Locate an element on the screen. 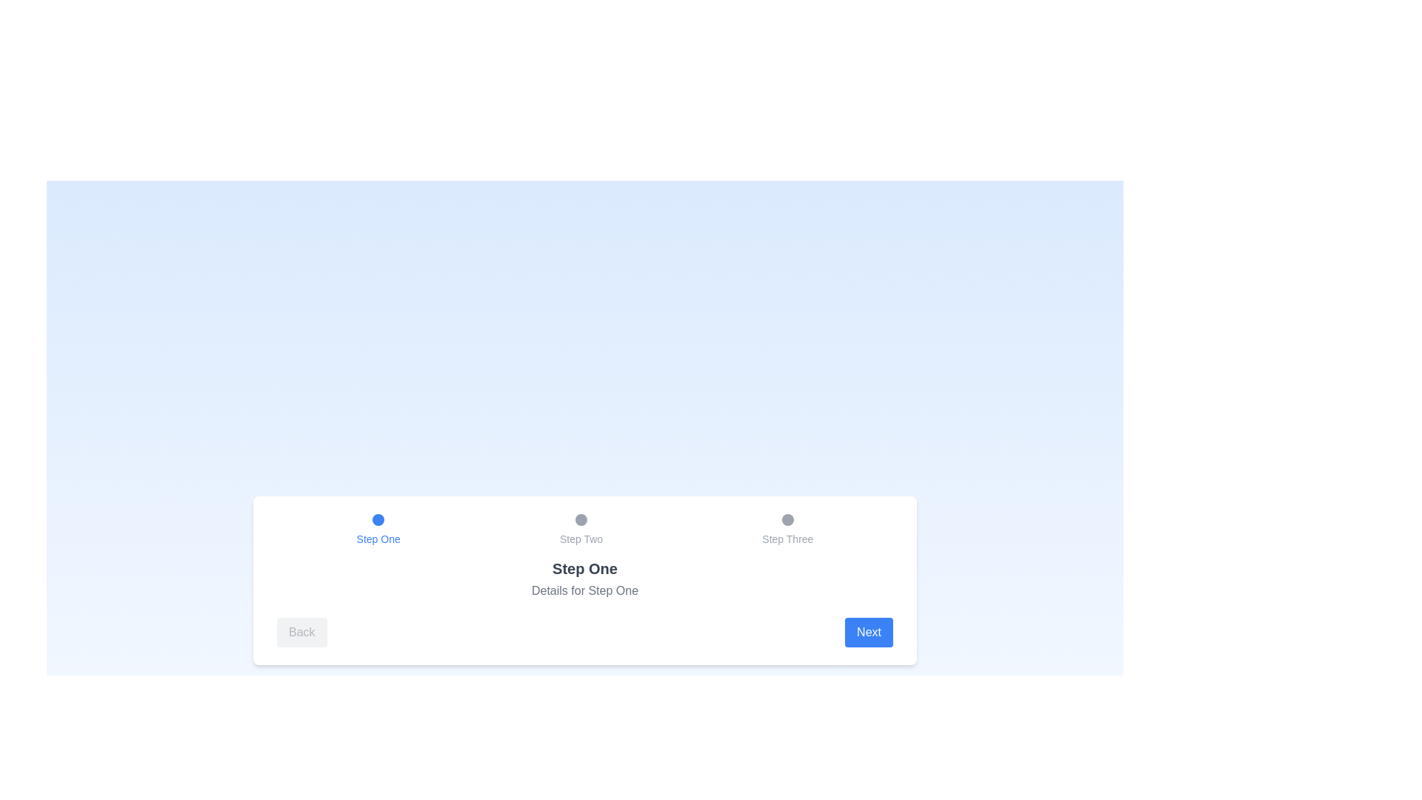 This screenshot has height=800, width=1422. the 'Next' button to navigate to the next step is located at coordinates (868, 632).